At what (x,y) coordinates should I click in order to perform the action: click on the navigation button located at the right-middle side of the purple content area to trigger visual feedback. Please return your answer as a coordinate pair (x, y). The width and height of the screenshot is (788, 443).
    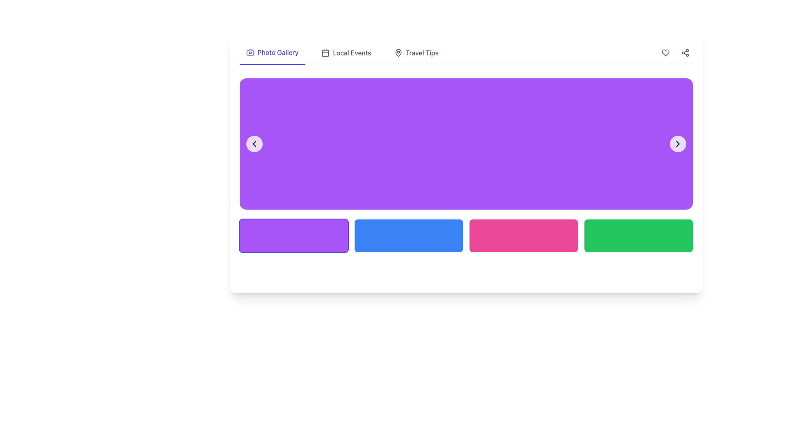
    Looking at the image, I should click on (678, 144).